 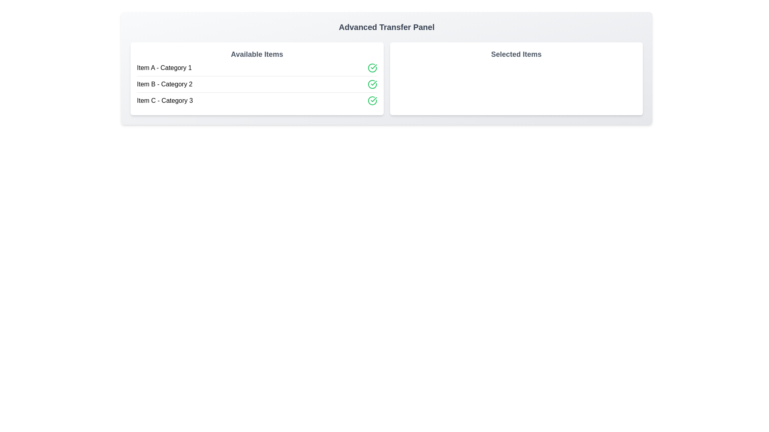 I want to click on the checkmark icon located to the right of 'Item B - Category 2' in the 'Available Items' list, which signifies approval or completion, so click(x=373, y=66).